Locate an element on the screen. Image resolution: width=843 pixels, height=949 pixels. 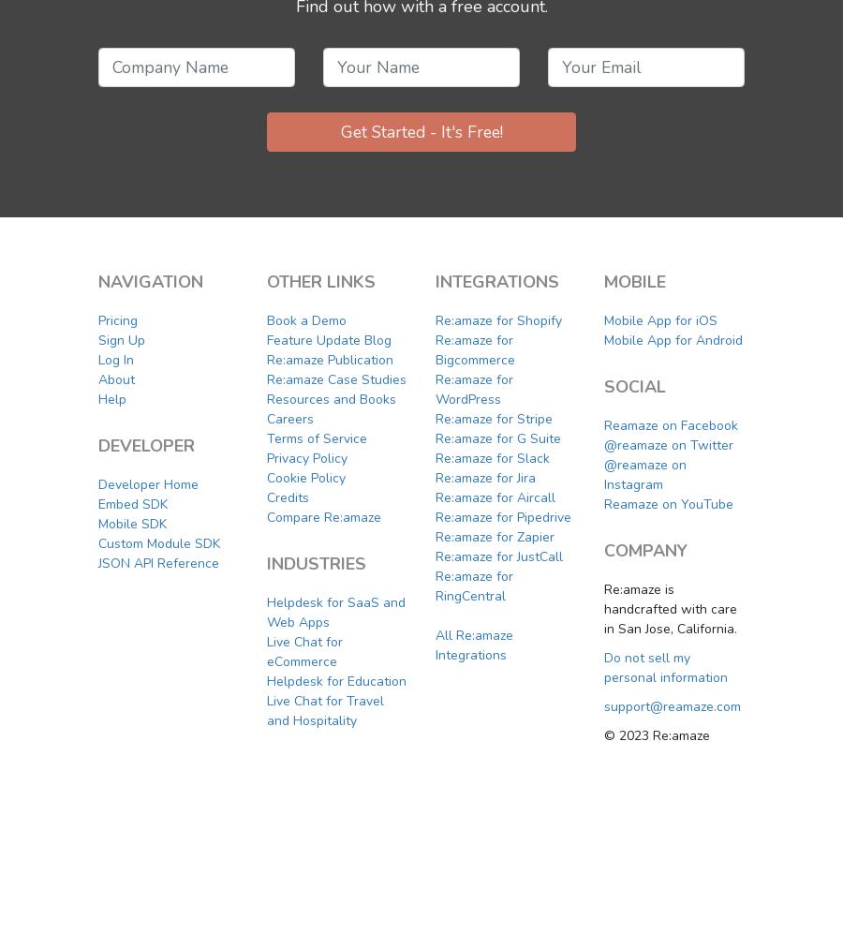
'Re:amaze for Slack' is located at coordinates (491, 456).